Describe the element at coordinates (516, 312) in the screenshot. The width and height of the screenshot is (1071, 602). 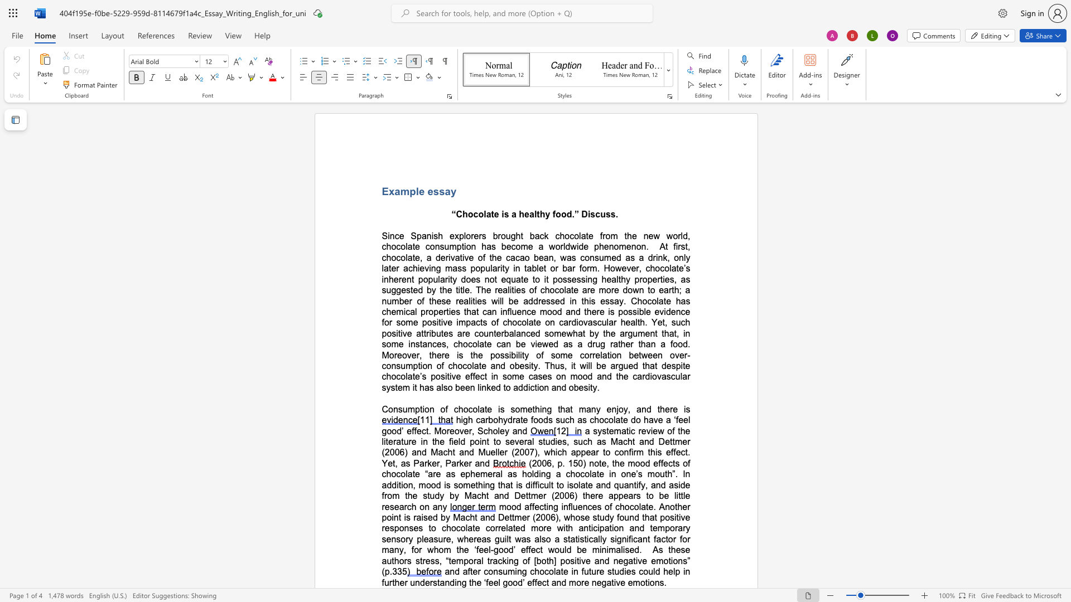
I see `the space between the continuous character "u" and "e" in the text` at that location.